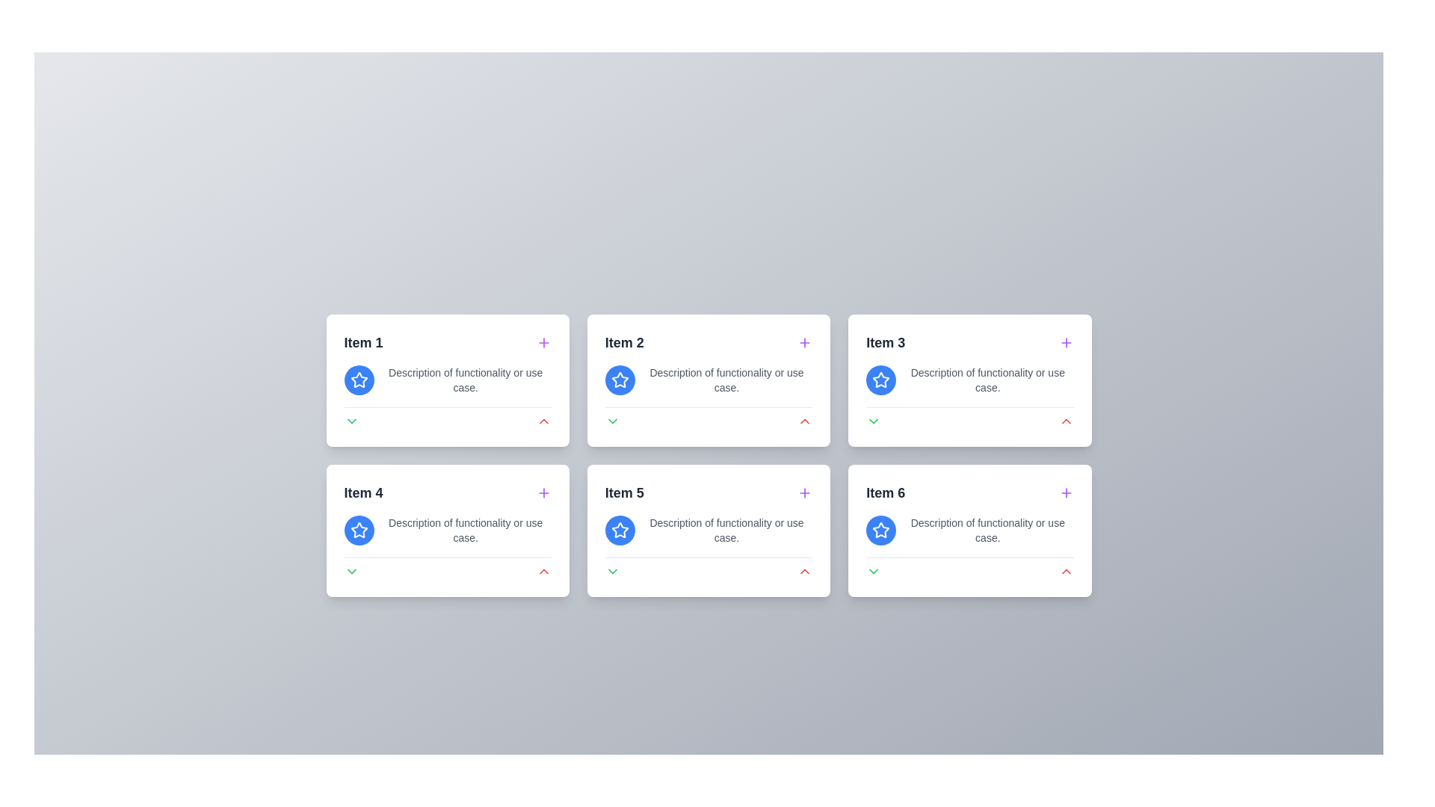 This screenshot has width=1435, height=807. I want to click on the static text element that reads 'Description of functionality or use case', which is styled with a smaller font size, medium weight, and gray color, located to the right of a circular blue icon with a star, in the second row of a grid layout, so click(726, 529).